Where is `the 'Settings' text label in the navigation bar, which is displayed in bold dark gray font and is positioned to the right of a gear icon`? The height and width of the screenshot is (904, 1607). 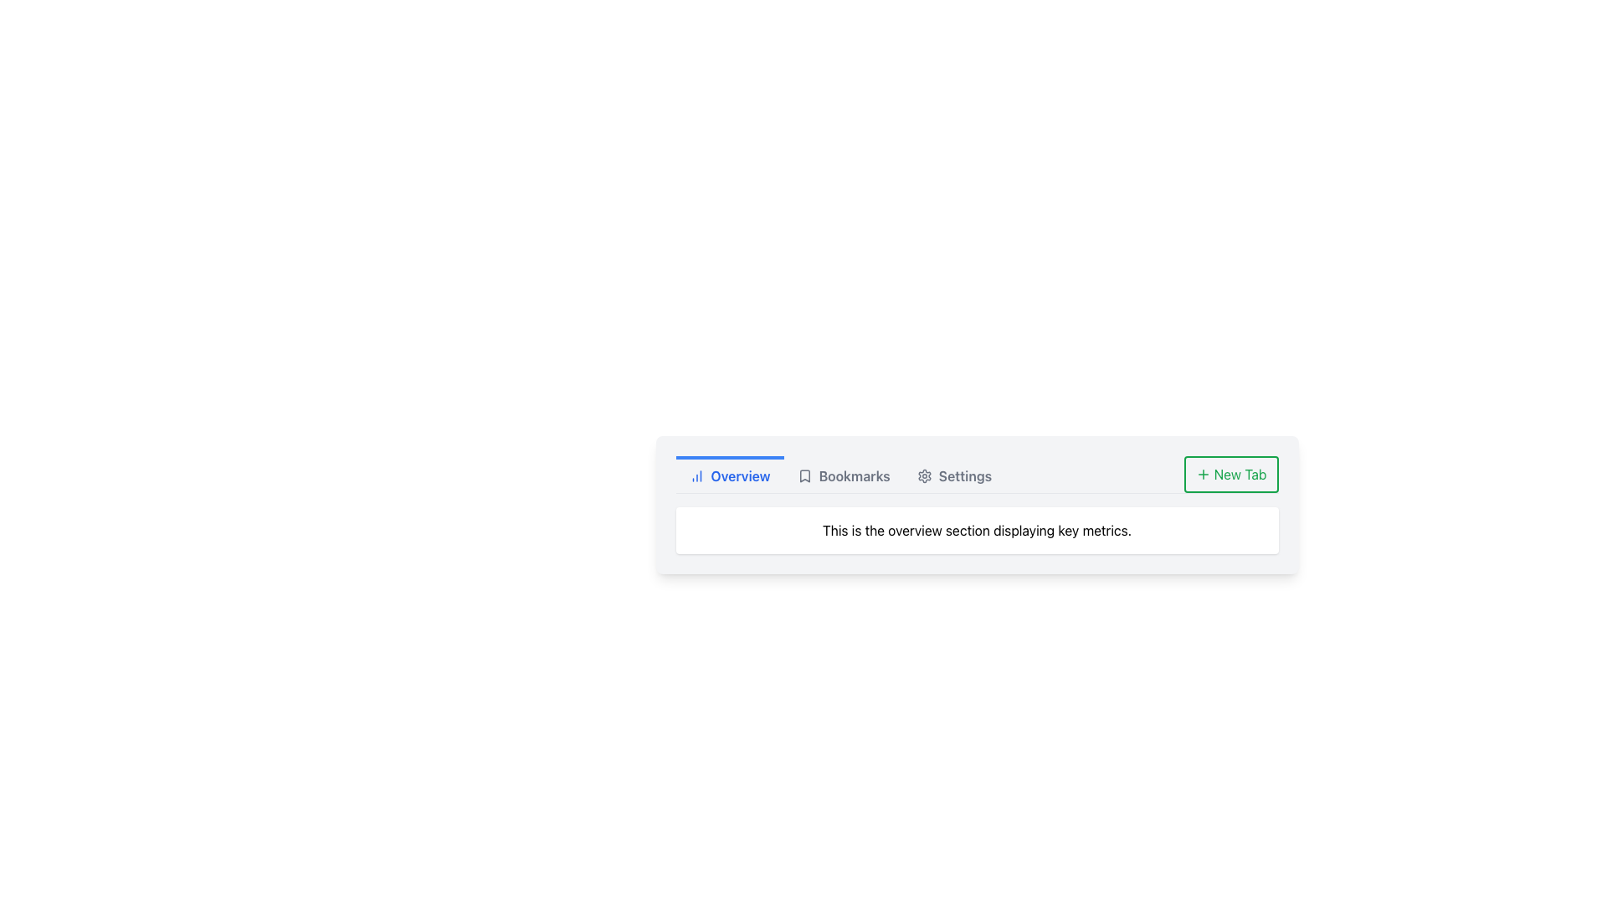
the 'Settings' text label in the navigation bar, which is displayed in bold dark gray font and is positioned to the right of a gear icon is located at coordinates (965, 476).